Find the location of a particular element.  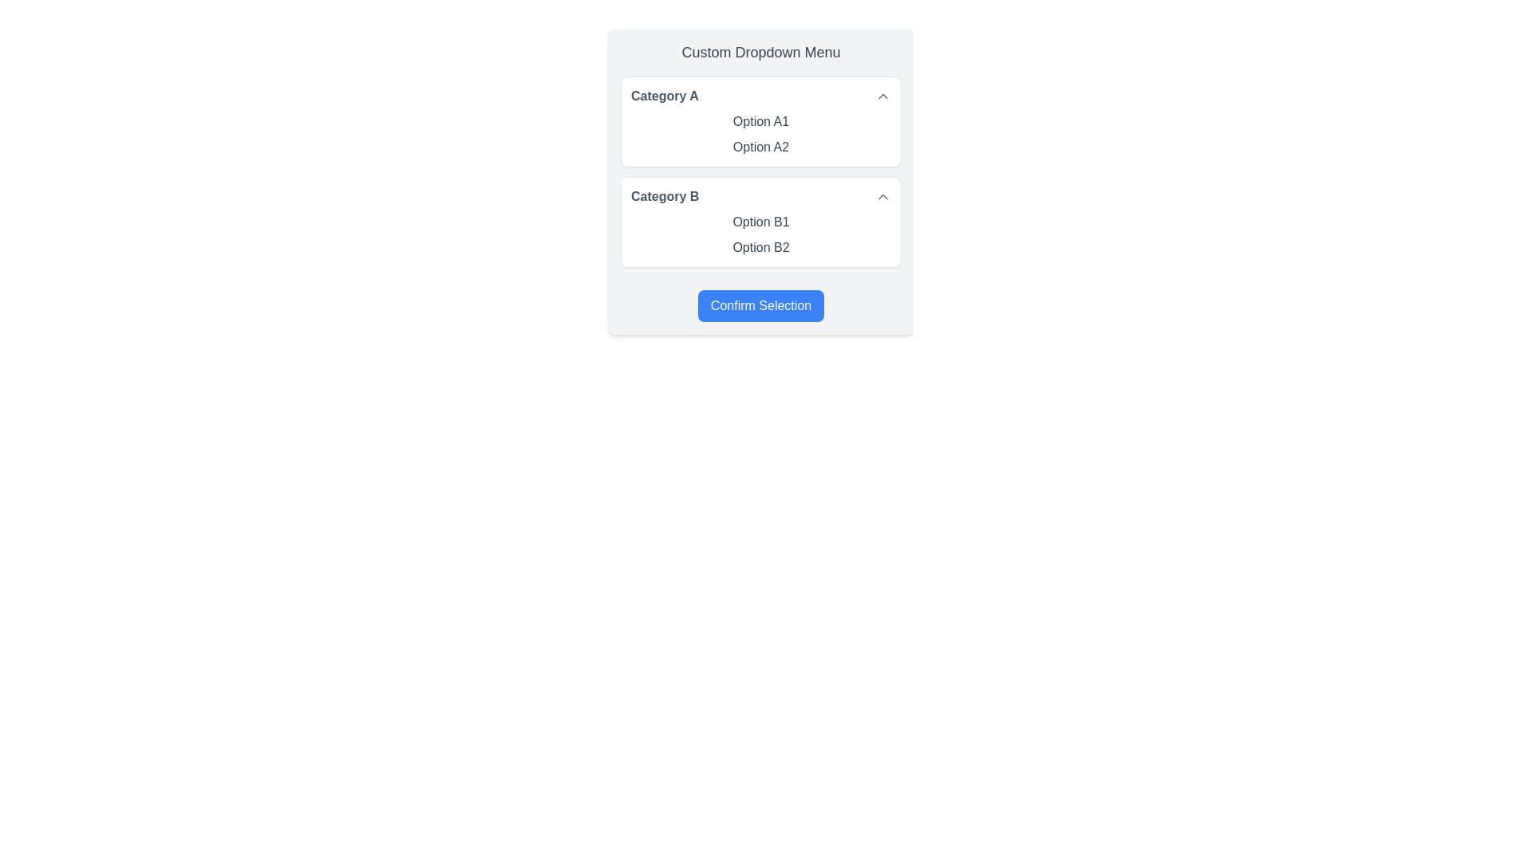

the textual label reading 'Option B1' in gray color located under 'Category B' in the dropdown menu to change its color is located at coordinates (760, 222).